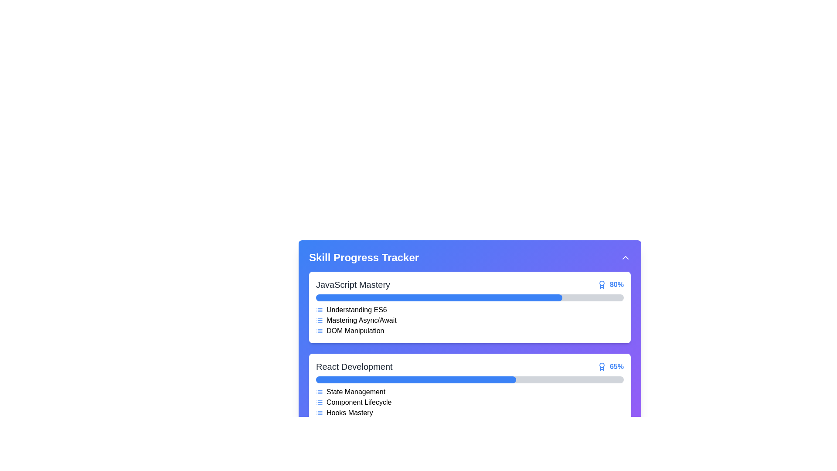  What do you see at coordinates (602, 284) in the screenshot?
I see `the icon representing progress in the 'JavaScript Mastery' section of the 'Skill Progress Tracker' panel, located to the left of the text '80%` at bounding box center [602, 284].